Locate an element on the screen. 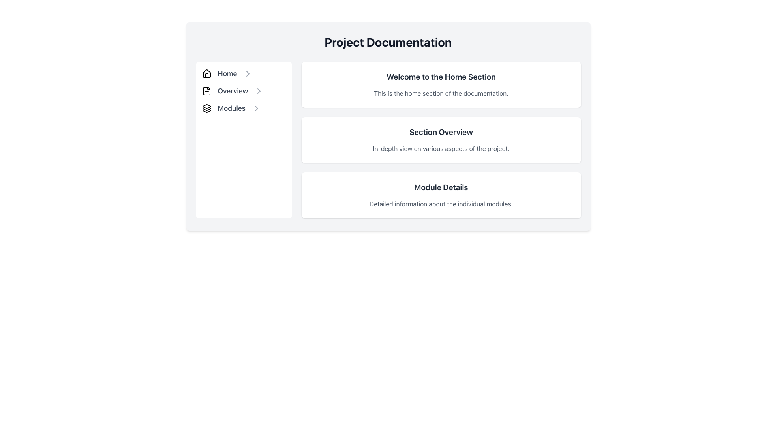 This screenshot has width=758, height=426. the Chevron icon located at the right side of the 'Modules' text item in the vertical navigation menu is located at coordinates (256, 108).